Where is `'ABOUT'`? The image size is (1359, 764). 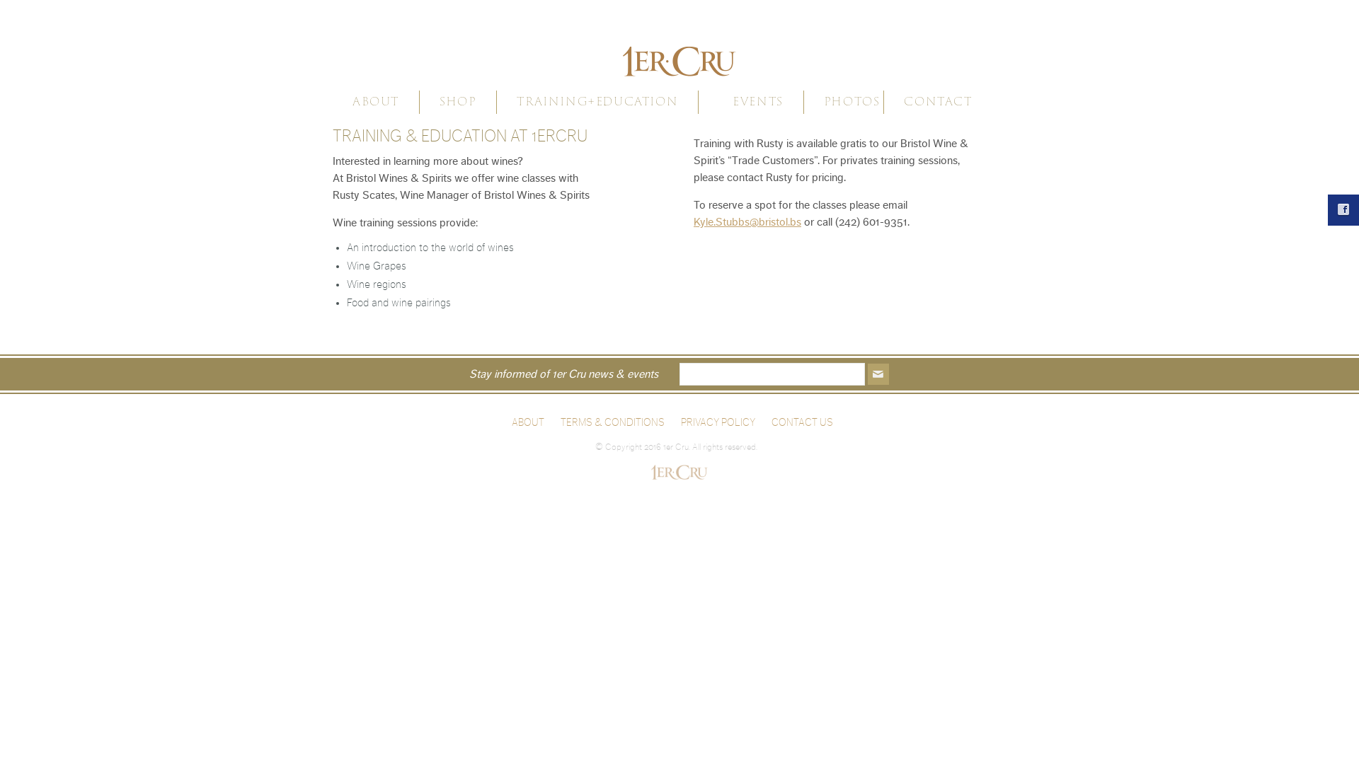 'ABOUT' is located at coordinates (527, 422).